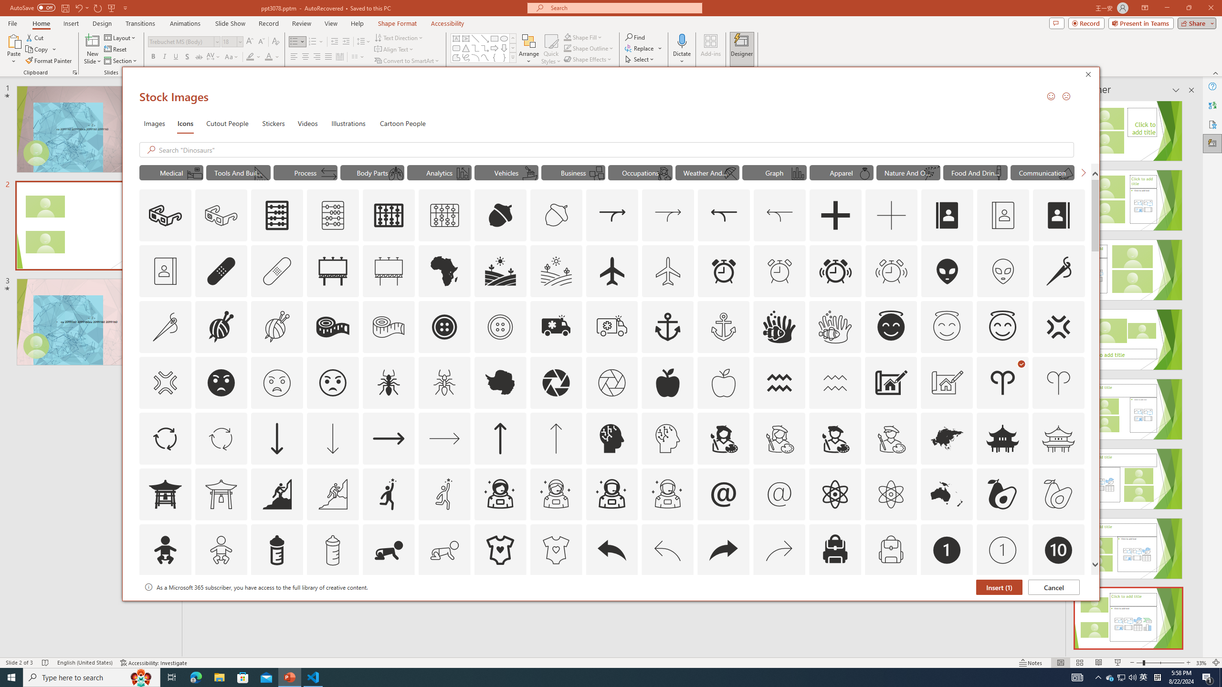 This screenshot has width=1222, height=687. What do you see at coordinates (165, 438) in the screenshot?
I see `'AutomationID: Icons_ArrowCircle'` at bounding box center [165, 438].